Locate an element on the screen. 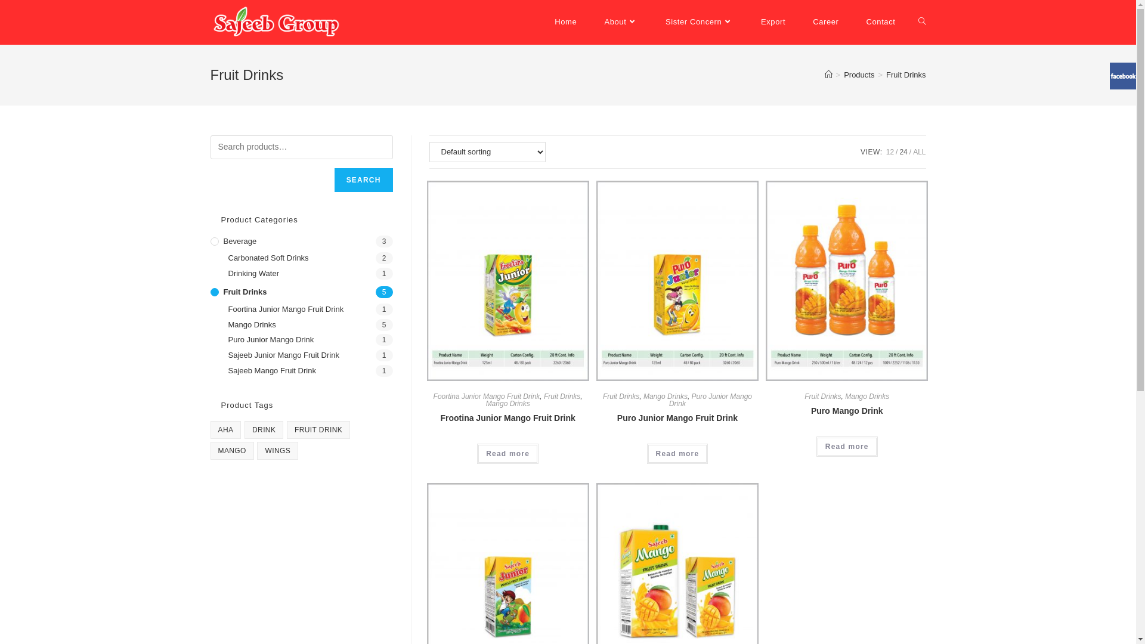 The image size is (1145, 644). 'Export' is located at coordinates (773, 22).